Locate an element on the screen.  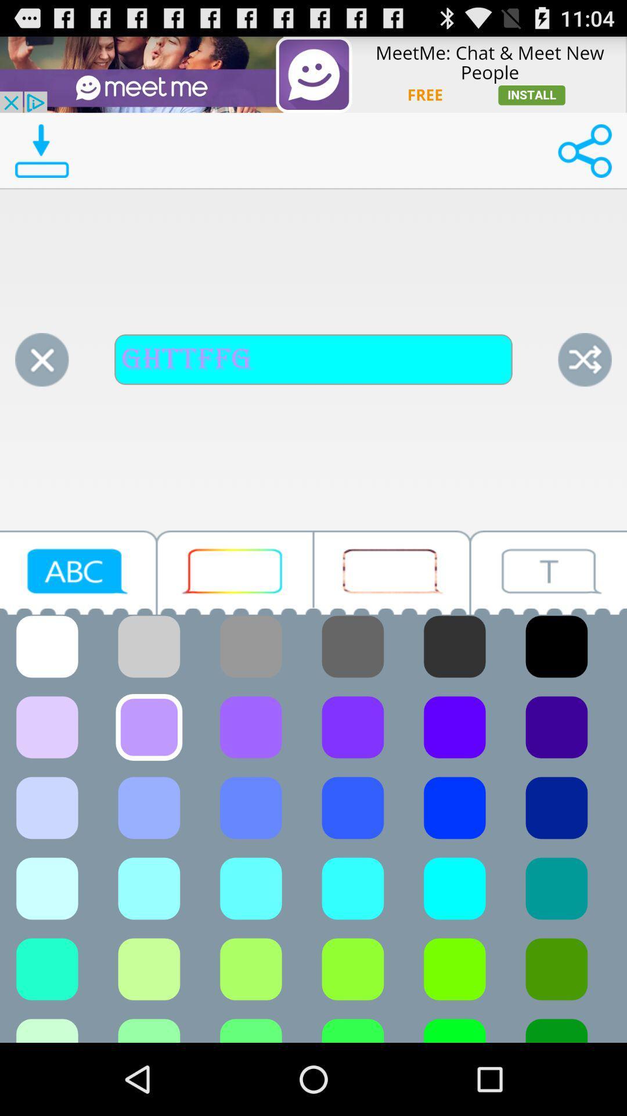
clear button is located at coordinates (41, 359).